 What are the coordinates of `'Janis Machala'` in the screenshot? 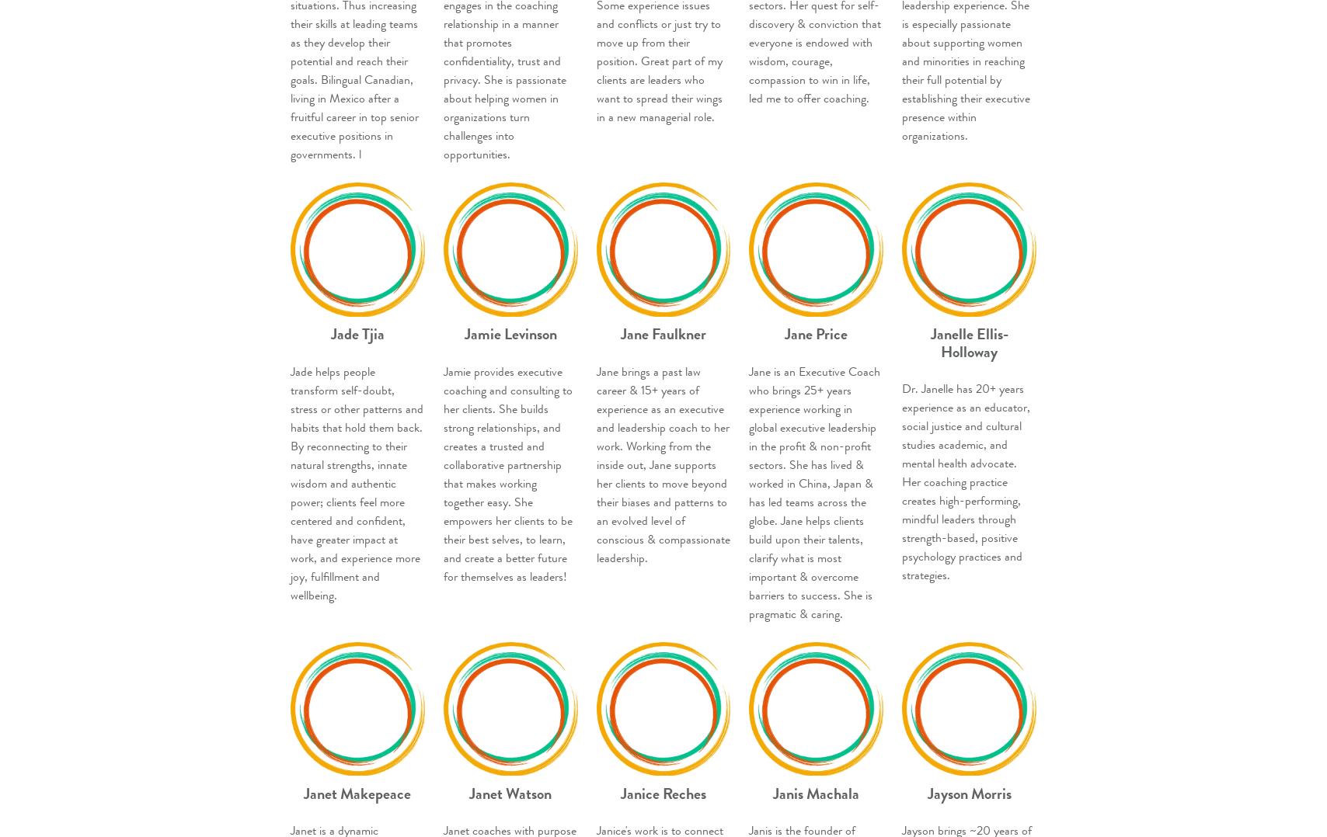 It's located at (816, 792).